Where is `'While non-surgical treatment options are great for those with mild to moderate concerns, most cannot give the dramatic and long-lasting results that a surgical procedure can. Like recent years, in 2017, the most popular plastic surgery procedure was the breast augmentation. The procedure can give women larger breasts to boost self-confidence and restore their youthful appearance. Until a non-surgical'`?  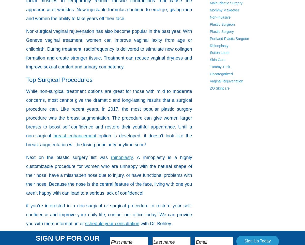
'While non-surgical treatment options are great for those with mild to moderate concerns, most cannot give the dramatic and long-lasting results that a surgical procedure can. Like recent years, in 2017, the most popular plastic surgery procedure was the breast augmentation. The procedure can give women larger breasts to boost self-confidence and restore their youthful appearance. Until a non-surgical' is located at coordinates (109, 113).